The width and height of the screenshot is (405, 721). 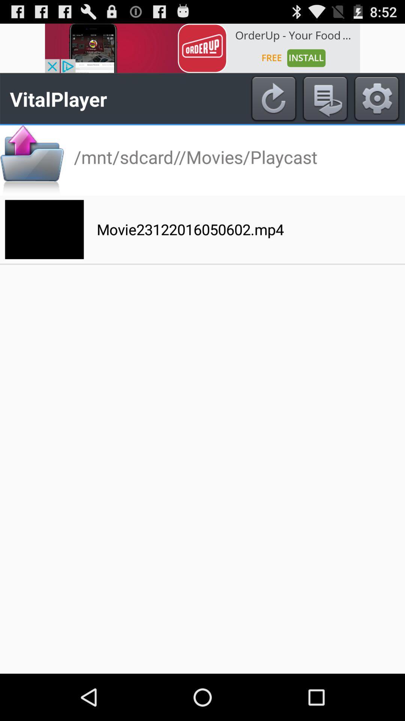 I want to click on autoplay option, so click(x=325, y=98).